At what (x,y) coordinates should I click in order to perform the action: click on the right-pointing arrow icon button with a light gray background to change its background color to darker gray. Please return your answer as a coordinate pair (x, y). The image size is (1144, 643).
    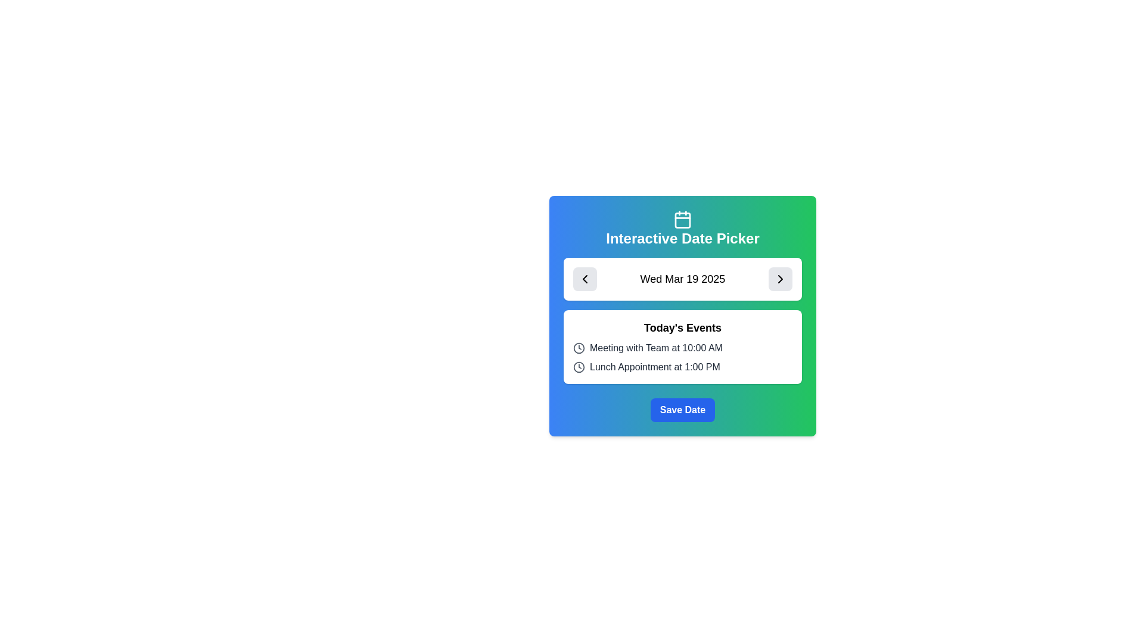
    Looking at the image, I should click on (781, 279).